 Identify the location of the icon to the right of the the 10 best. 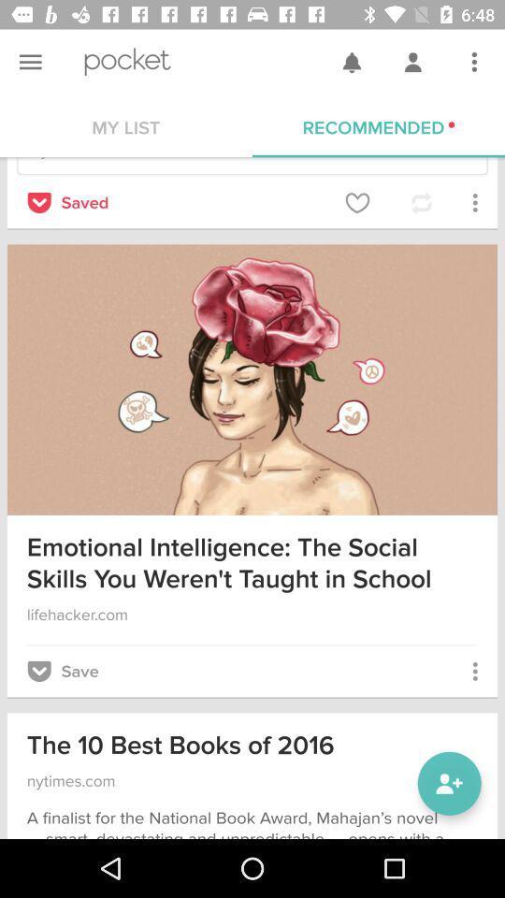
(448, 783).